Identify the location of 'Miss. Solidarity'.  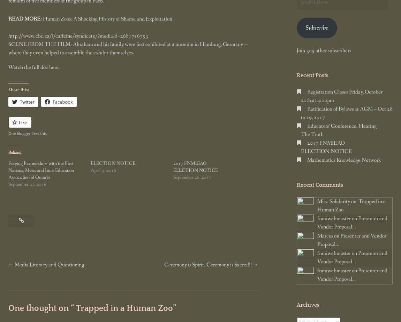
(333, 201).